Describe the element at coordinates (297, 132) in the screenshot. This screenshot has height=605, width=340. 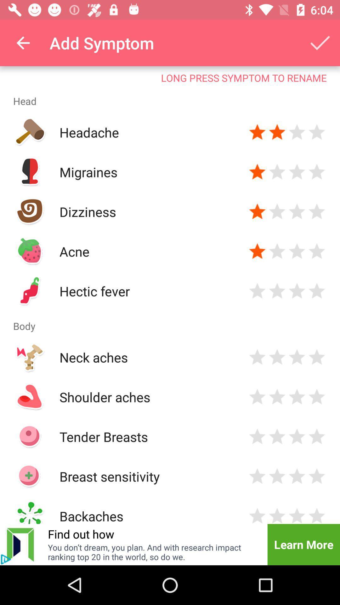
I see `three star rating` at that location.